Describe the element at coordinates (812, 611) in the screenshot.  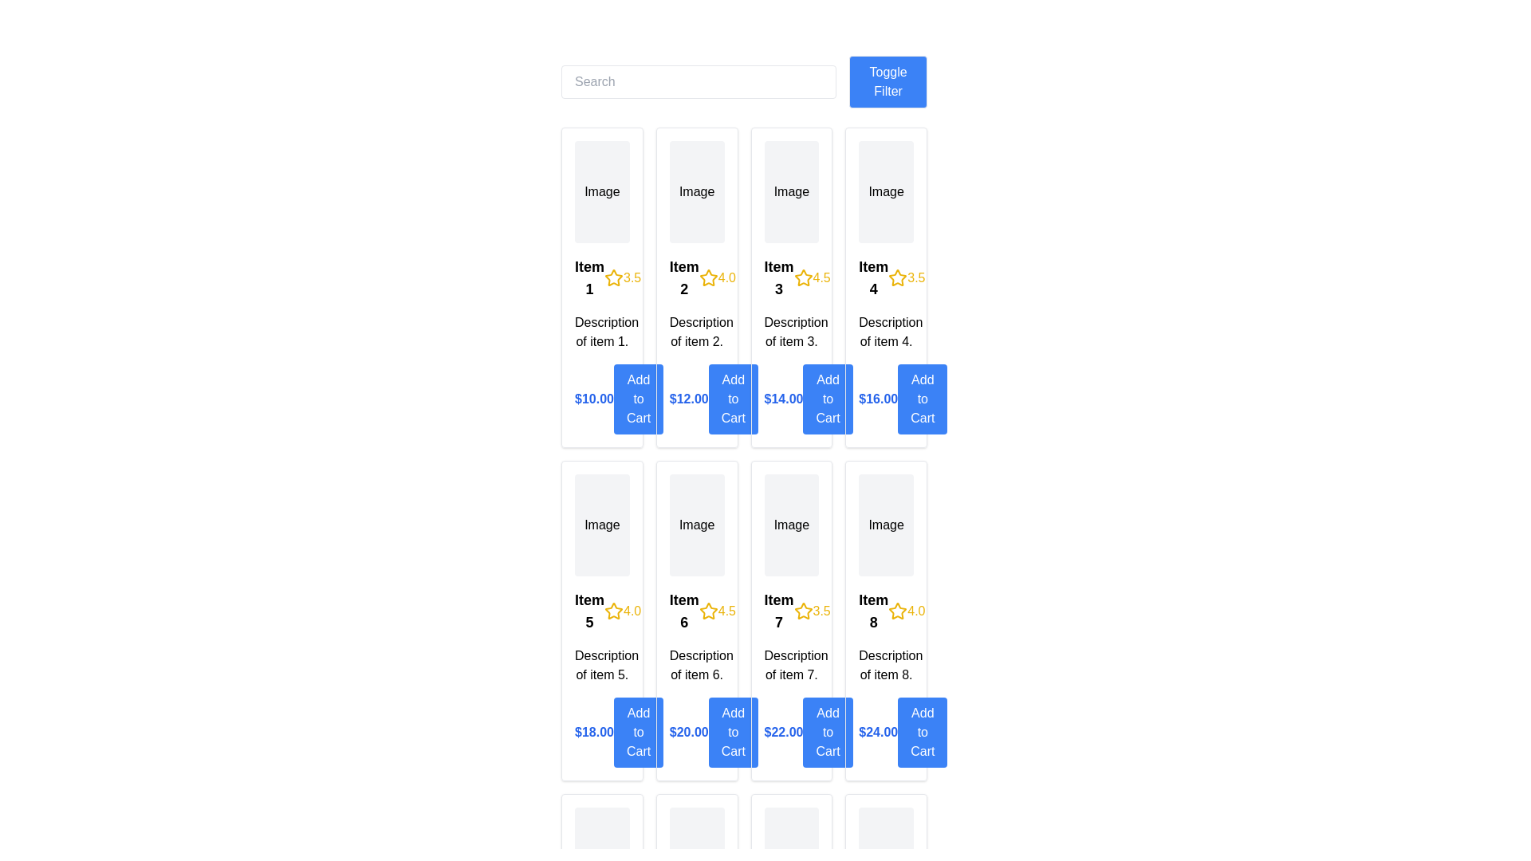
I see `the rating display for 'Item 7', which shows a rating of '3.5' with a yellow star icon adjacent to the text` at that location.